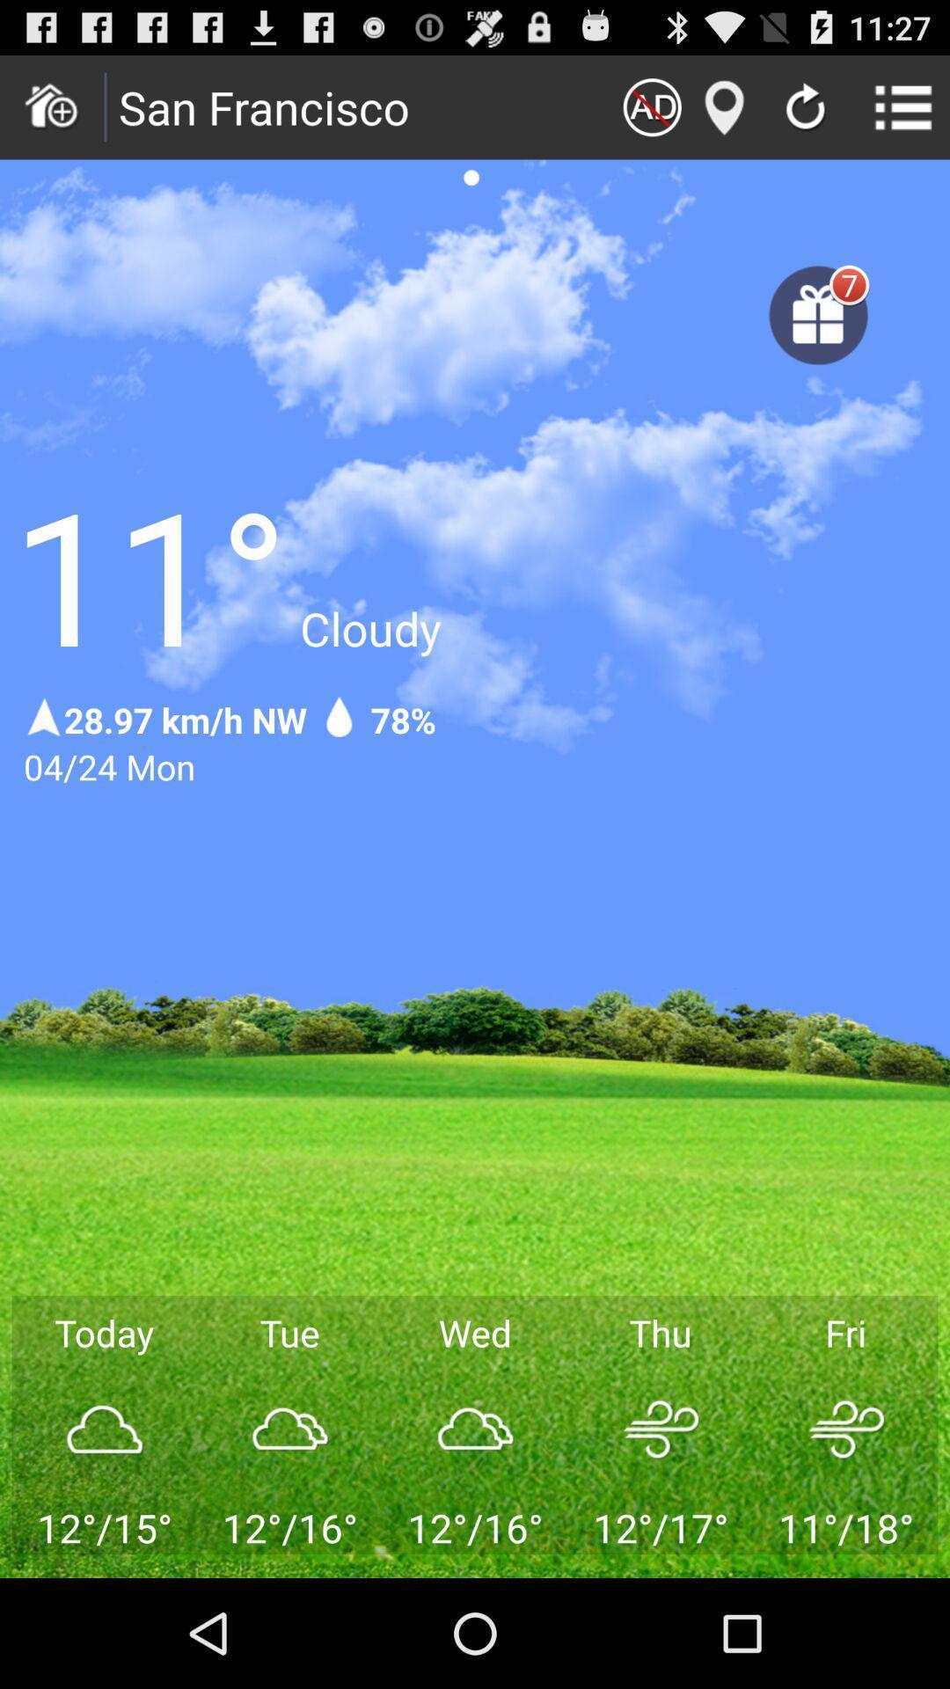 Image resolution: width=950 pixels, height=1689 pixels. Describe the element at coordinates (903, 113) in the screenshot. I see `the list icon` at that location.